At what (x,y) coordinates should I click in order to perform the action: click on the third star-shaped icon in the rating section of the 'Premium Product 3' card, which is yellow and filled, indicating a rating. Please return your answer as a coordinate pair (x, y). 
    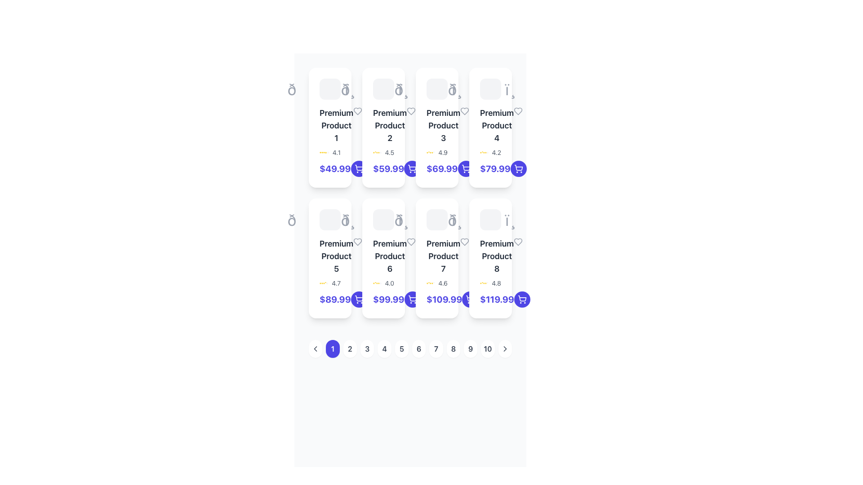
    Looking at the image, I should click on (432, 152).